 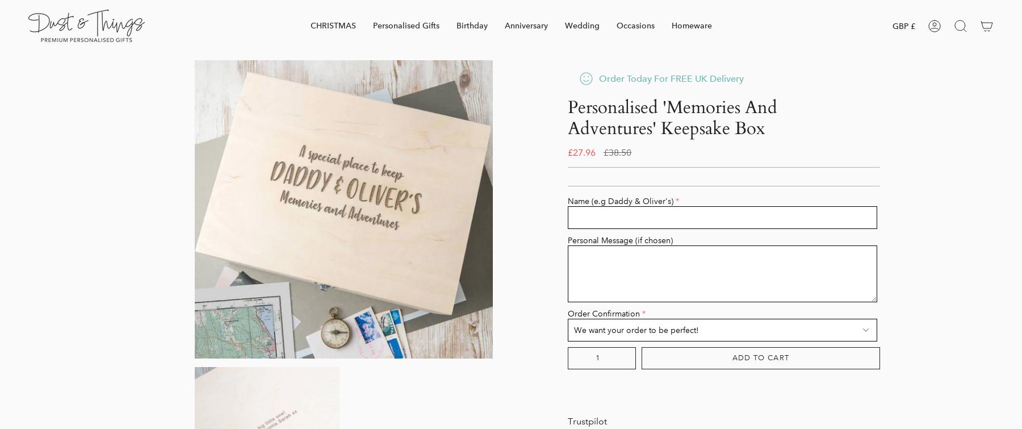 What do you see at coordinates (624, 144) in the screenshot?
I see `'FREE UK DELIVERY'` at bounding box center [624, 144].